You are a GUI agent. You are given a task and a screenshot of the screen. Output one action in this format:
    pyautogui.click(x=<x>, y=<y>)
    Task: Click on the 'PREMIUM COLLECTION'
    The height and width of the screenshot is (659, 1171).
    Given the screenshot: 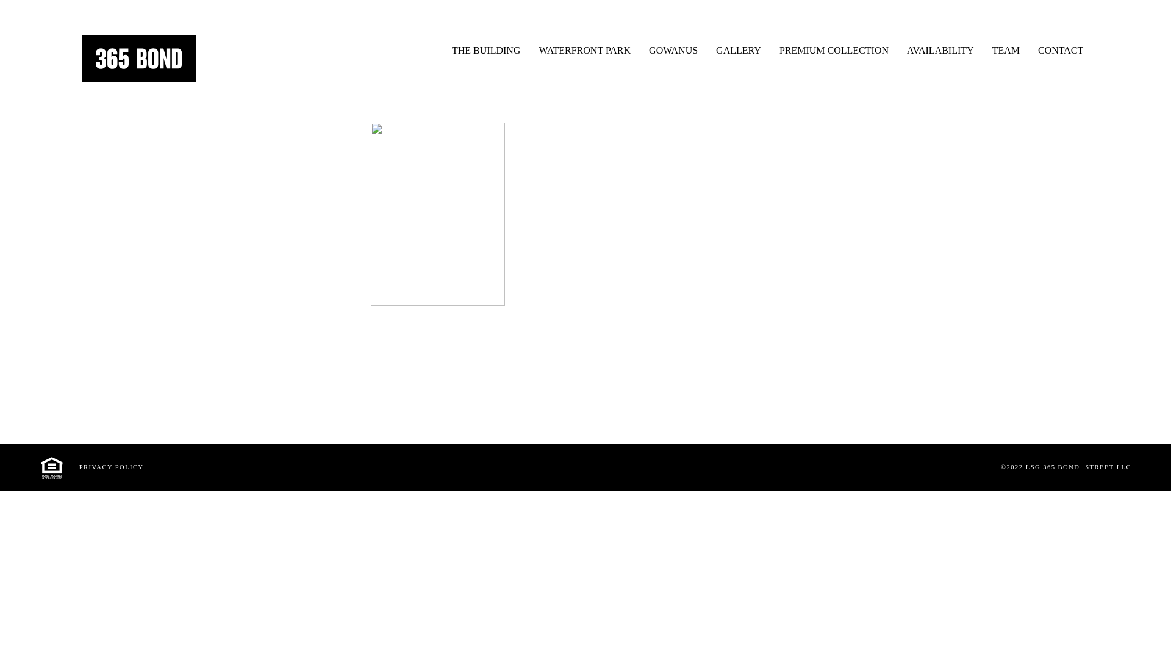 What is the action you would take?
    pyautogui.click(x=833, y=46)
    